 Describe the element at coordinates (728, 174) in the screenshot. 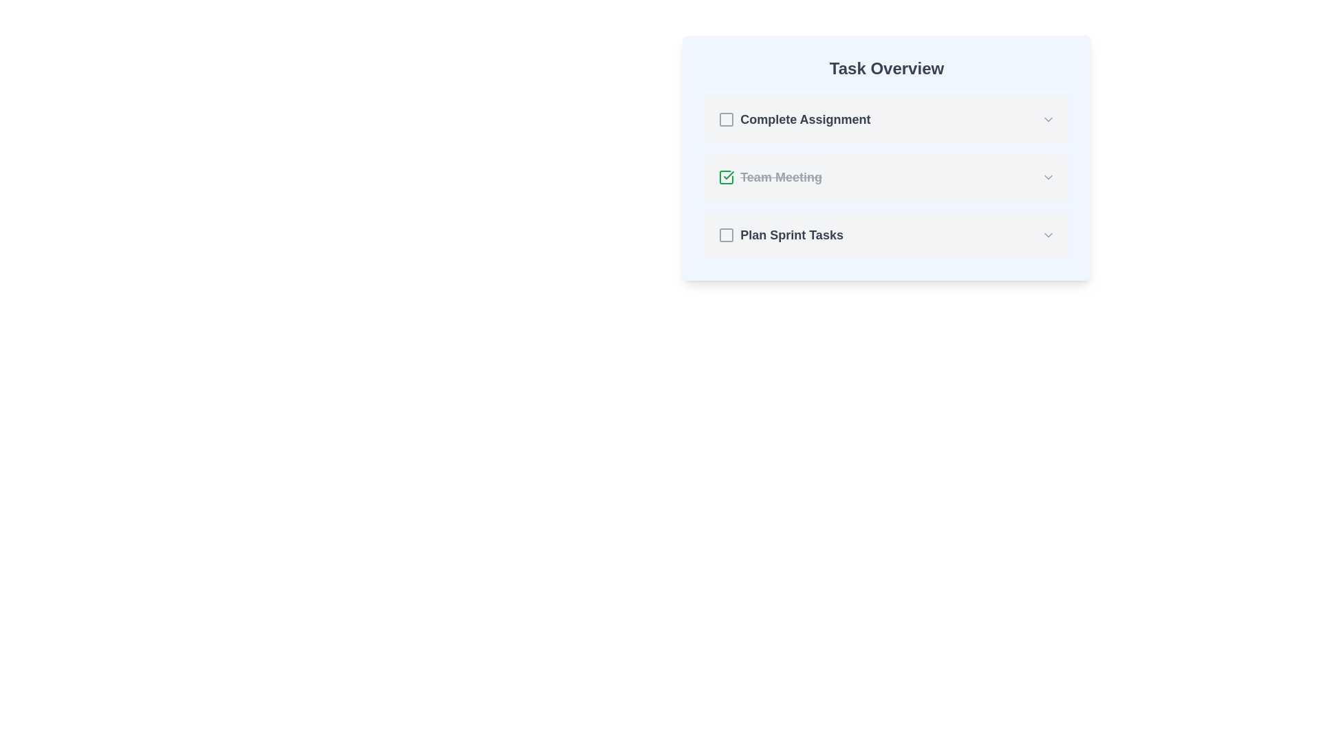

I see `the green checkmark icon indicating the completion status of the 'Team Meeting' task in the middle row of the 'Task Overview' section` at that location.